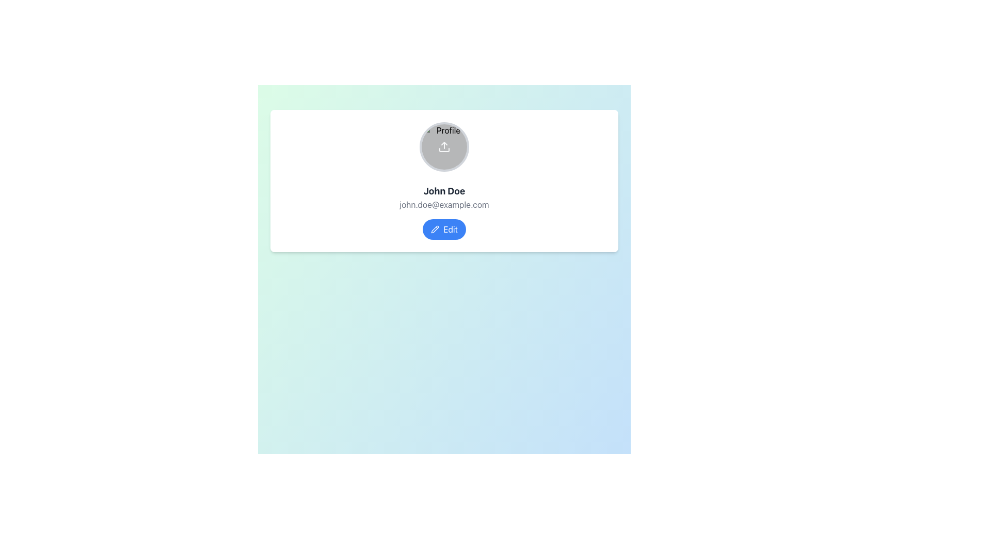  Describe the element at coordinates (444, 228) in the screenshot. I see `the edit button located at the bottom center of the profile card for 'John Doe'` at that location.